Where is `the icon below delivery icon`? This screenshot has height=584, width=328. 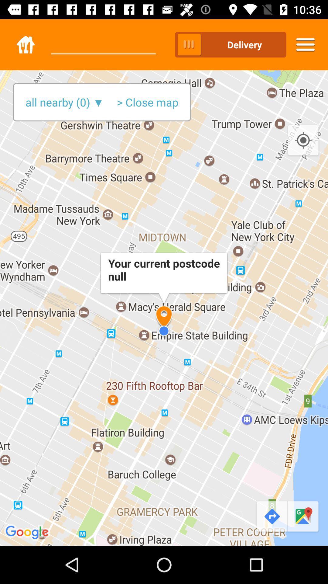 the icon below delivery icon is located at coordinates (303, 140).